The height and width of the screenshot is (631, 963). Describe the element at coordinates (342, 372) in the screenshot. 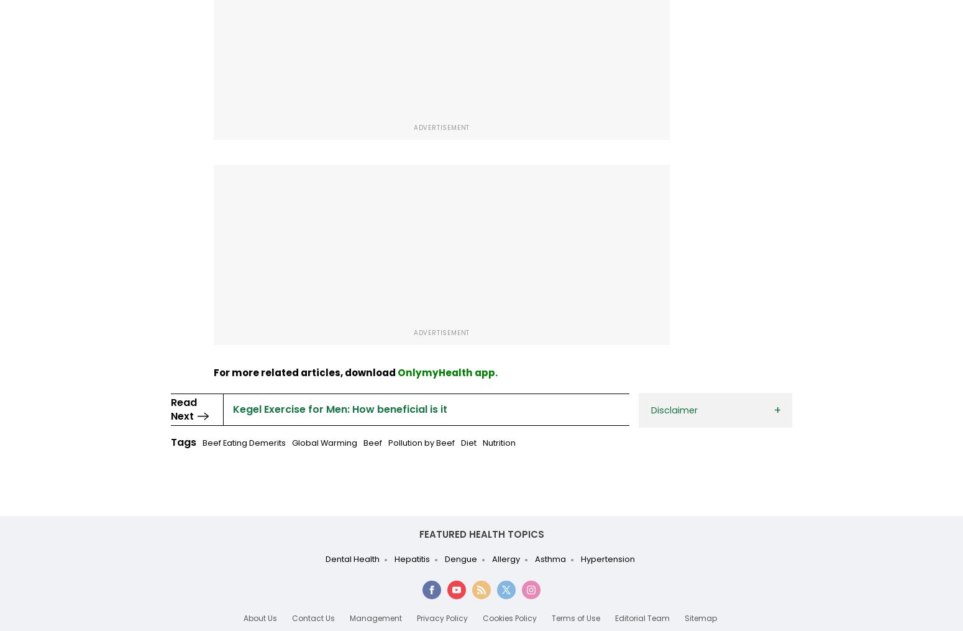

I see `'download'` at that location.